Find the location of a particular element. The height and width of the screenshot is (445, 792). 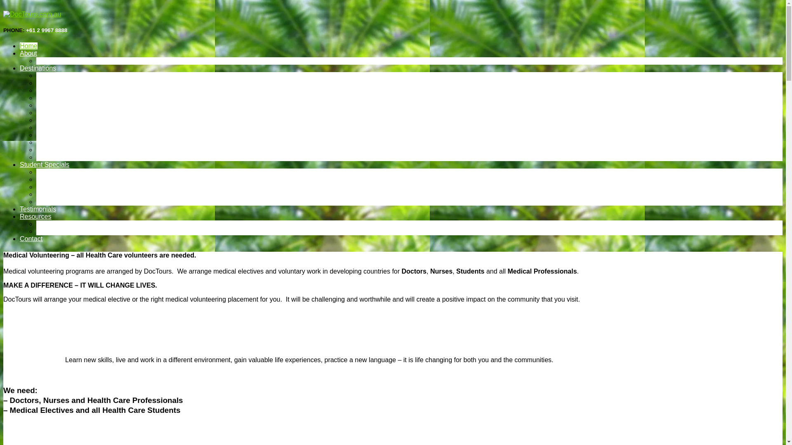

'Home' is located at coordinates (28, 46).